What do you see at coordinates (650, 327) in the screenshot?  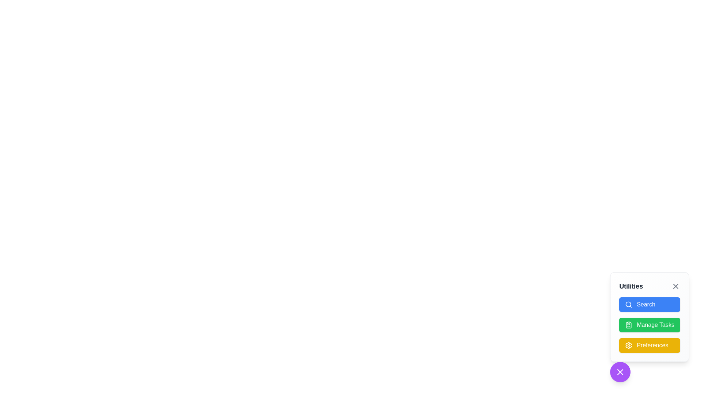 I see `the button in the 'Utilities' popup menu that allows users` at bounding box center [650, 327].